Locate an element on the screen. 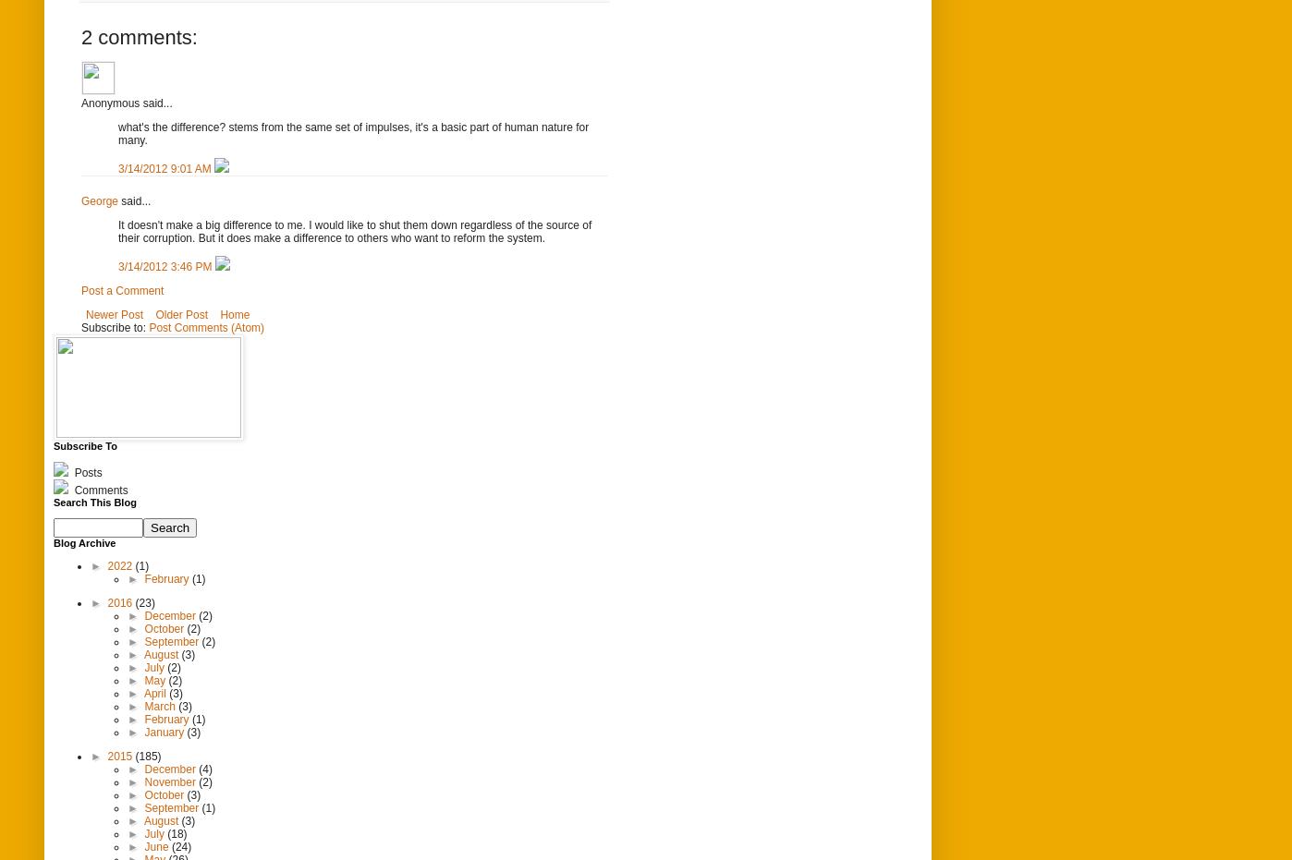 This screenshot has width=1292, height=860. 'Posts' is located at coordinates (86, 472).